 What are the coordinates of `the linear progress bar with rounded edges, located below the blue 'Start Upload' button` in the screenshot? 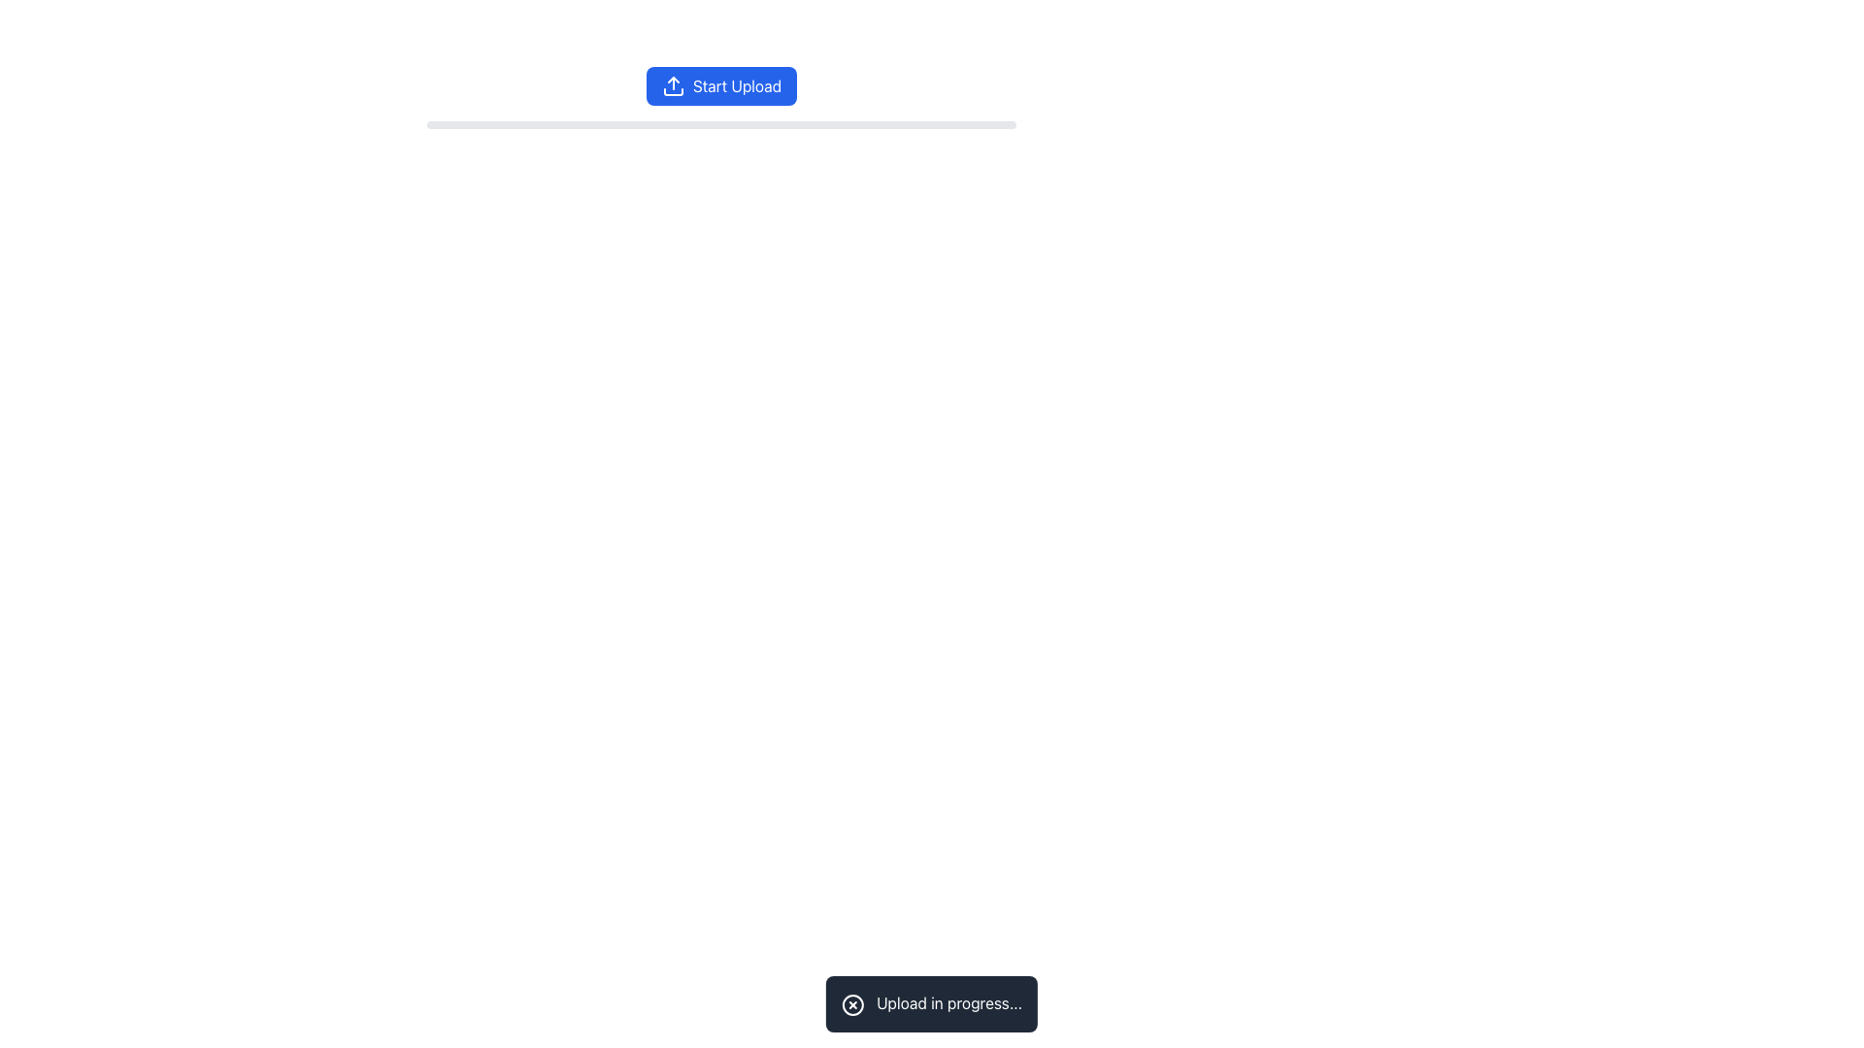 It's located at (720, 124).